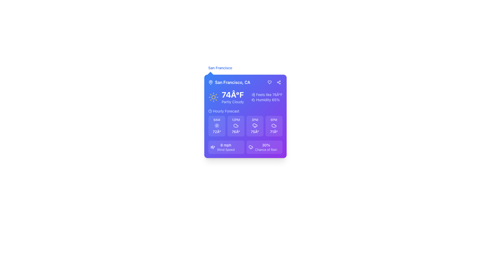 This screenshot has height=278, width=494. Describe the element at coordinates (278, 82) in the screenshot. I see `the second button from the right in the card interface` at that location.